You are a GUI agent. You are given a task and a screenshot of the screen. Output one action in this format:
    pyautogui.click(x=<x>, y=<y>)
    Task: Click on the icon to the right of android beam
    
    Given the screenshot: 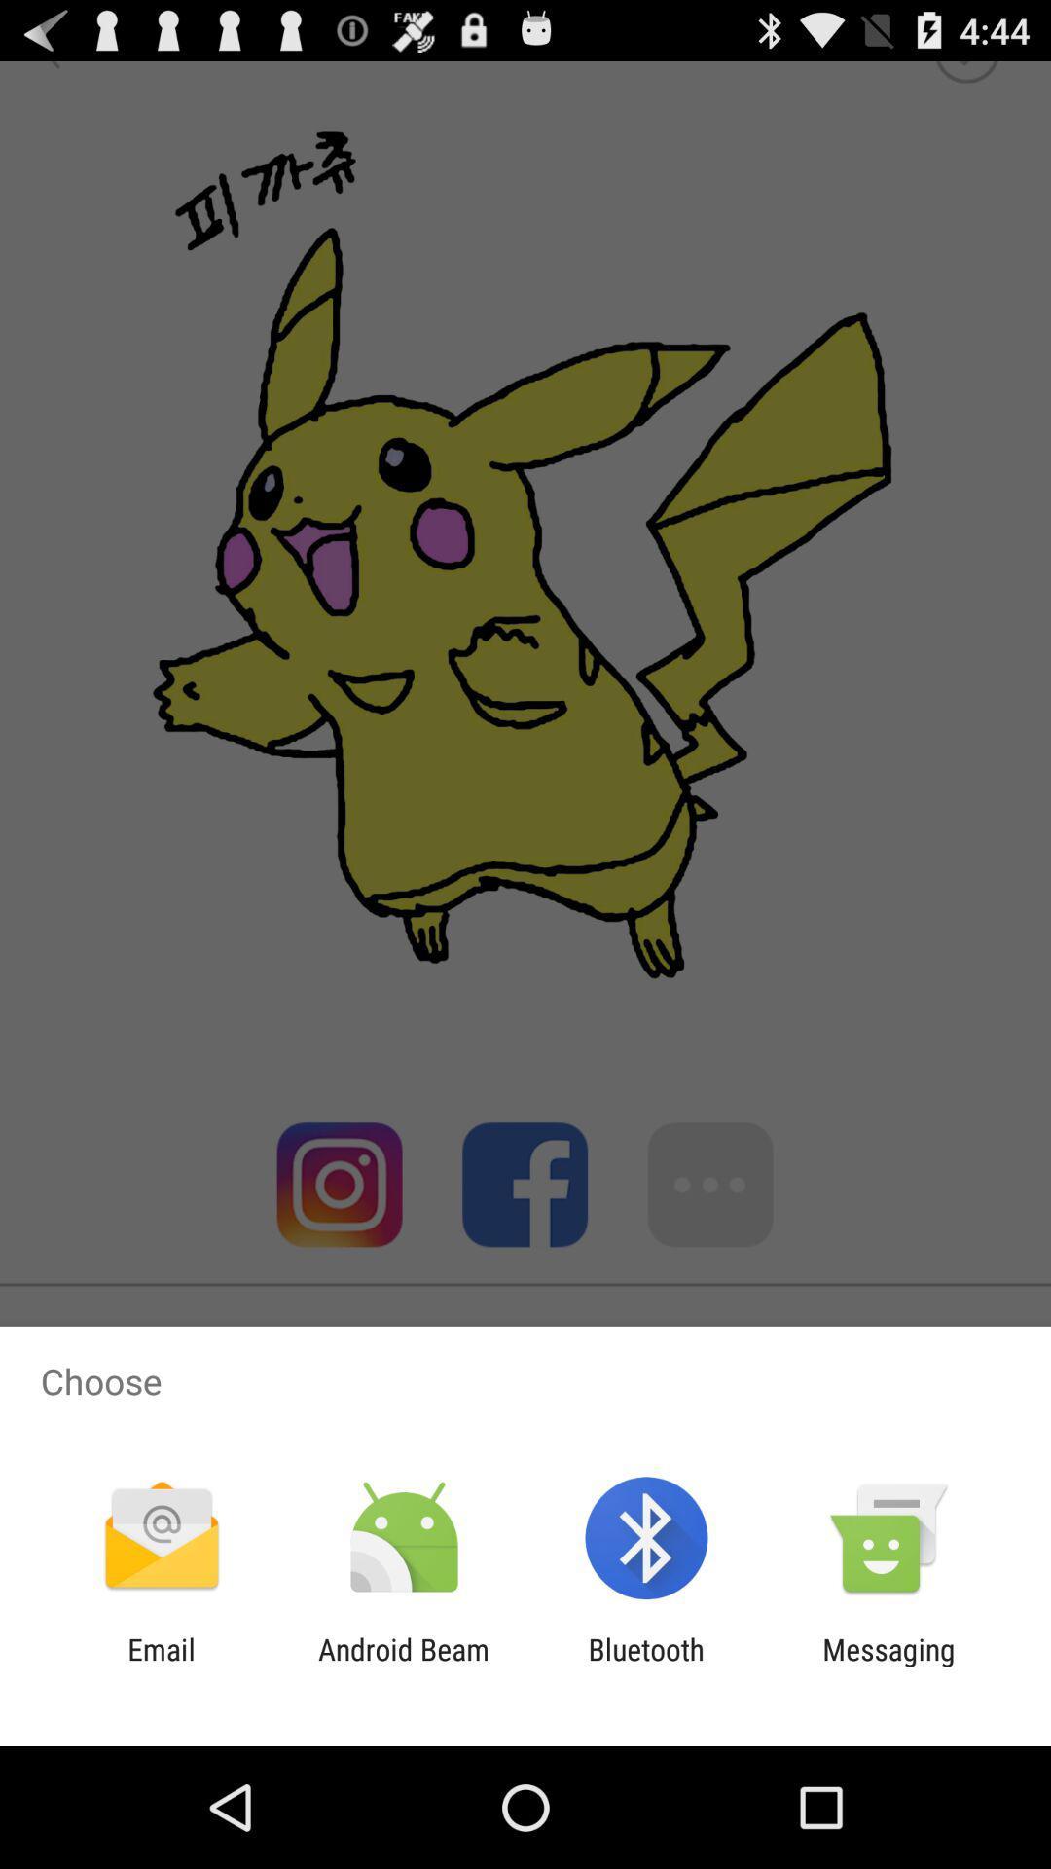 What is the action you would take?
    pyautogui.click(x=646, y=1666)
    